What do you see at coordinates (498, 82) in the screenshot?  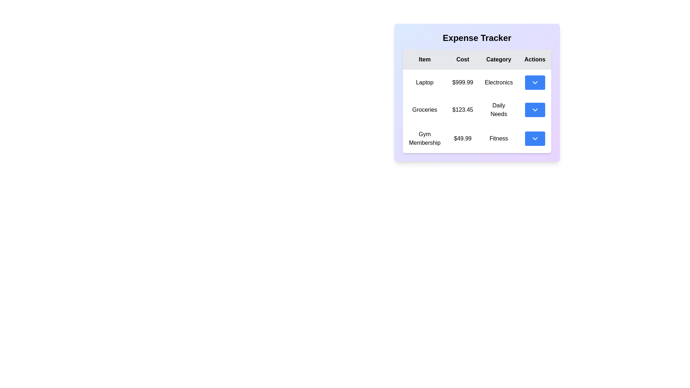 I see `the 'Electronics' text element located in the first row and third column of the table, which corresponds to the item 'Laptop' and costs '$999.99'` at bounding box center [498, 82].